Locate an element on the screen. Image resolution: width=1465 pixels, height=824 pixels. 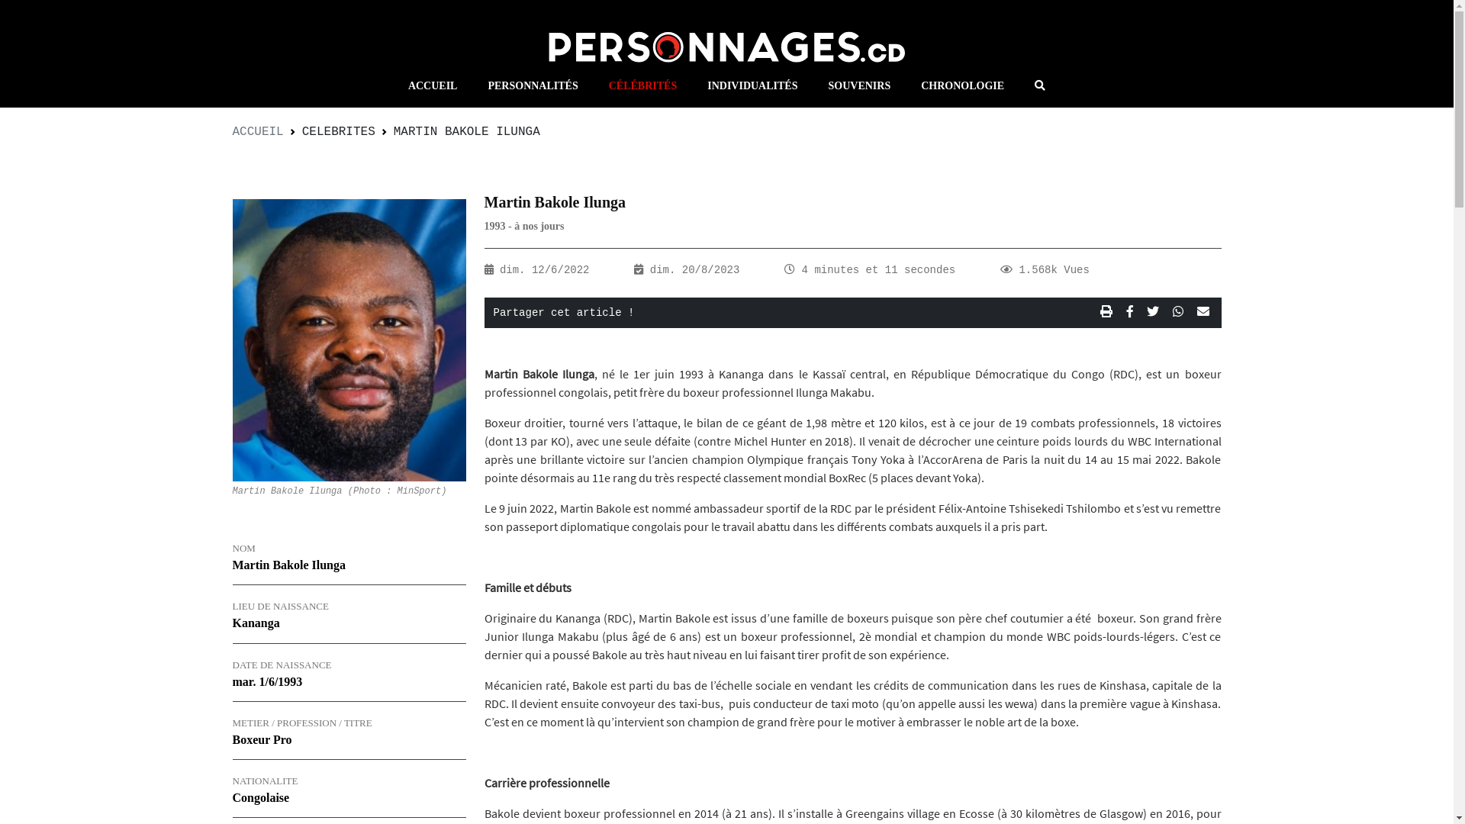
'ACCUEIL' is located at coordinates (230, 131).